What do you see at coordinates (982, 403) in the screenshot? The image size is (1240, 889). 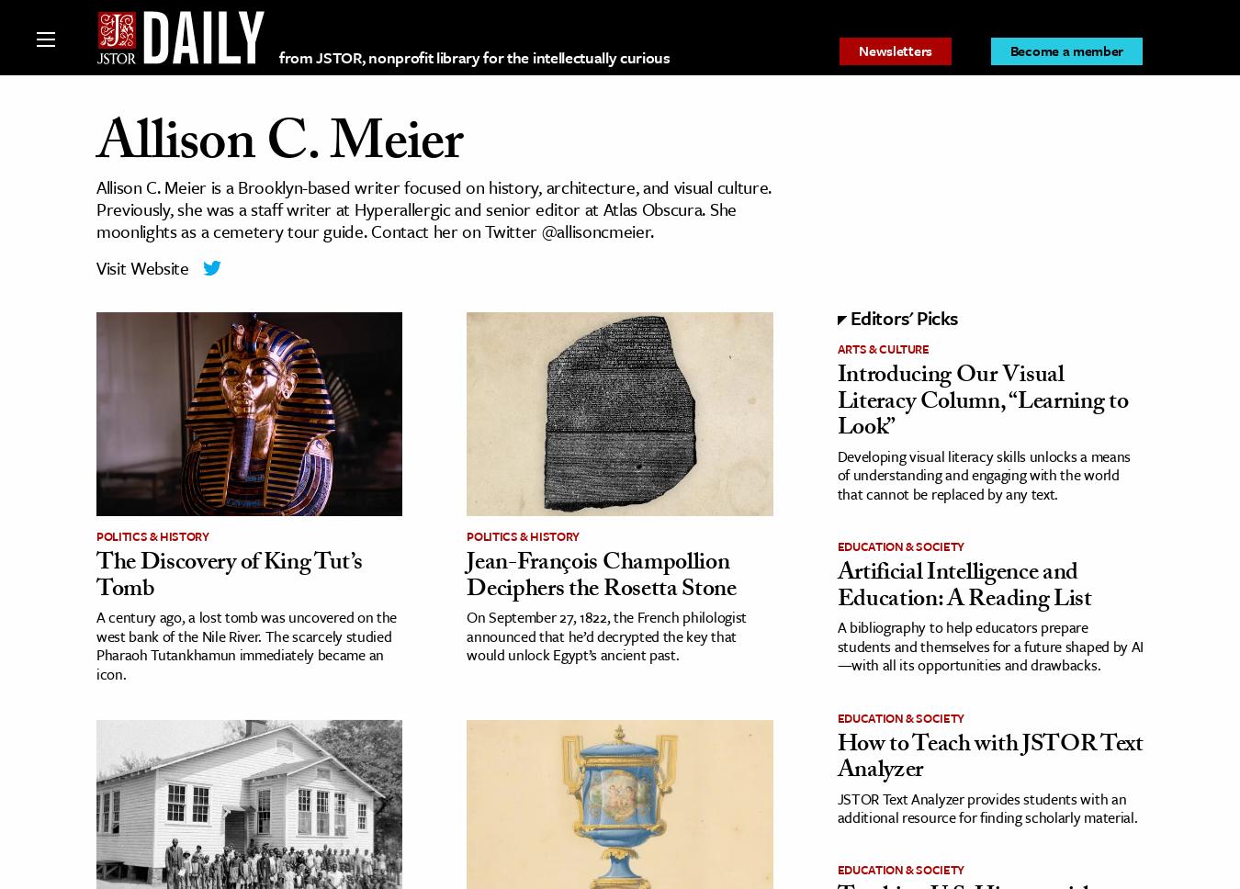 I see `'Introducing Our Visual Literacy Column, “Learning to Look”'` at bounding box center [982, 403].